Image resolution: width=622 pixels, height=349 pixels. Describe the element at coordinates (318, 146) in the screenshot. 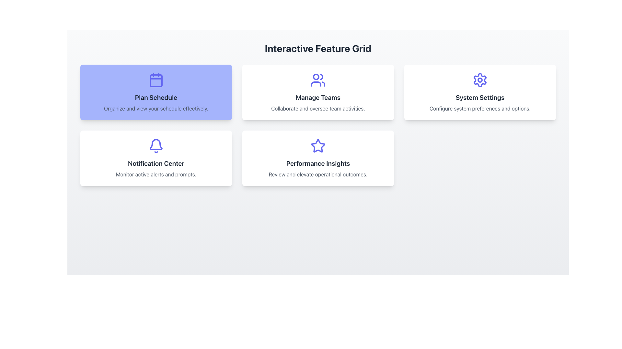

I see `the star-shaped decorative icon with a vivid indigo color located above the title text 'Performance Insights'` at that location.